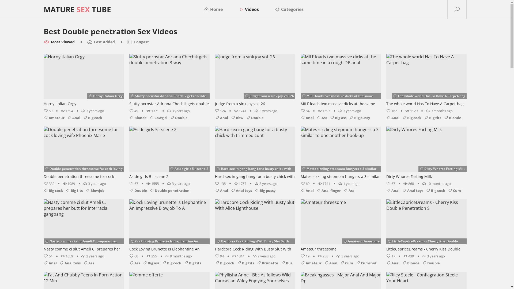  What do you see at coordinates (213, 9) in the screenshot?
I see `'Home'` at bounding box center [213, 9].